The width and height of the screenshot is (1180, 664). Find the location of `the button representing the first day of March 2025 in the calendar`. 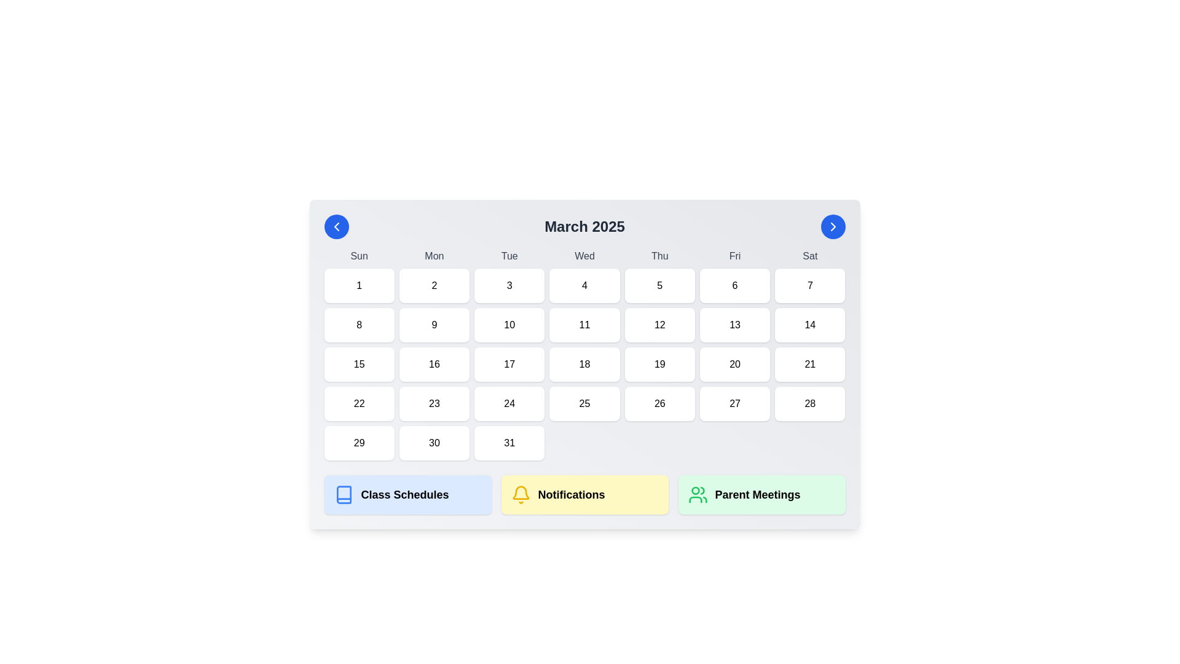

the button representing the first day of March 2025 in the calendar is located at coordinates (358, 286).